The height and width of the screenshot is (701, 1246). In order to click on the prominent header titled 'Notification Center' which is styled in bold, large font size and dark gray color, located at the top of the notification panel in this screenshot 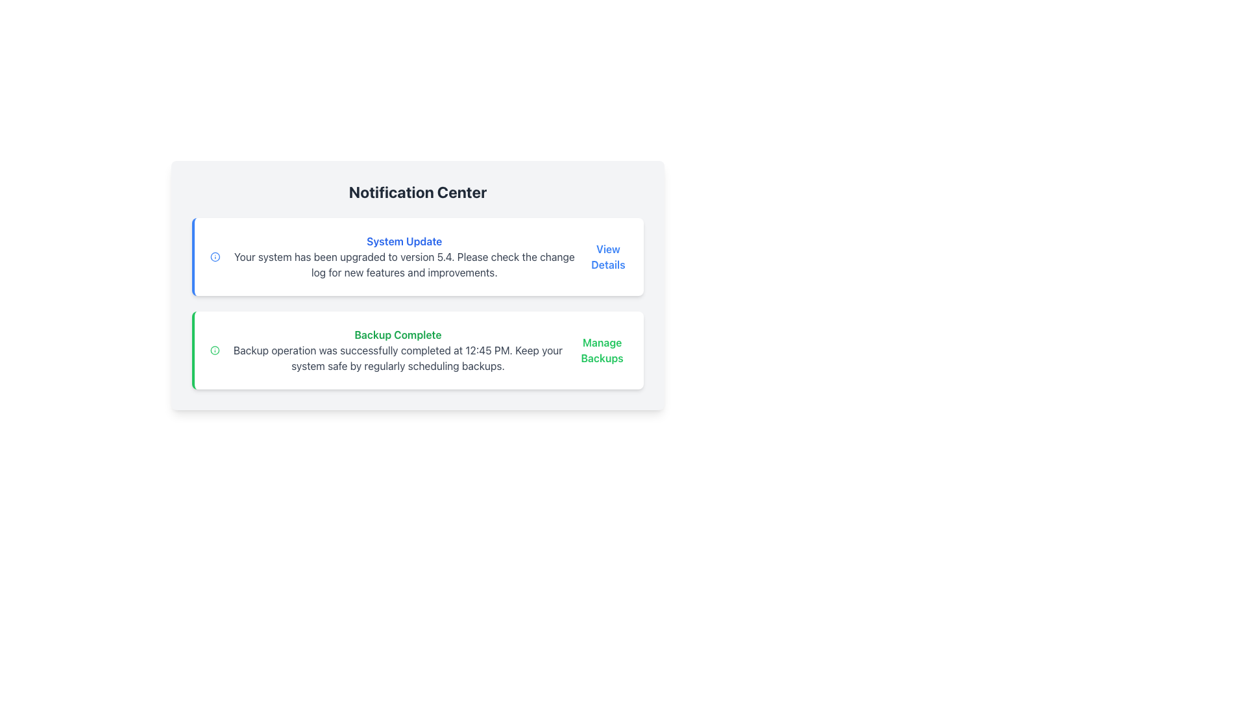, I will do `click(417, 192)`.